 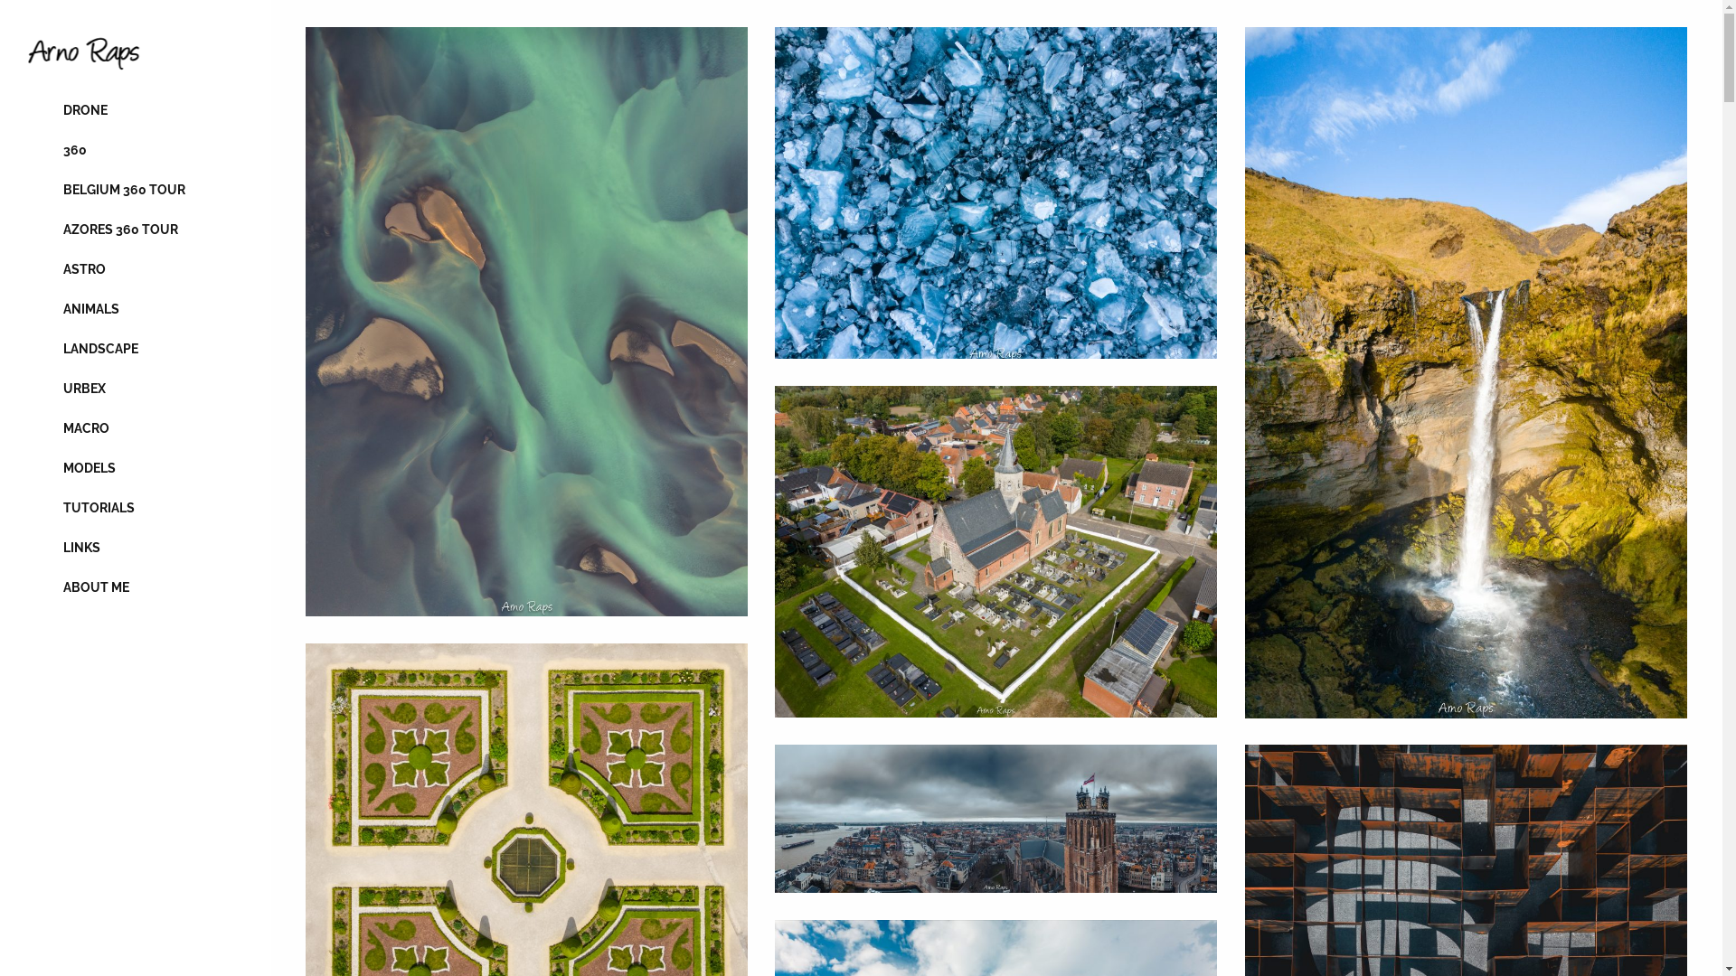 What do you see at coordinates (134, 268) in the screenshot?
I see `'ASTRO'` at bounding box center [134, 268].